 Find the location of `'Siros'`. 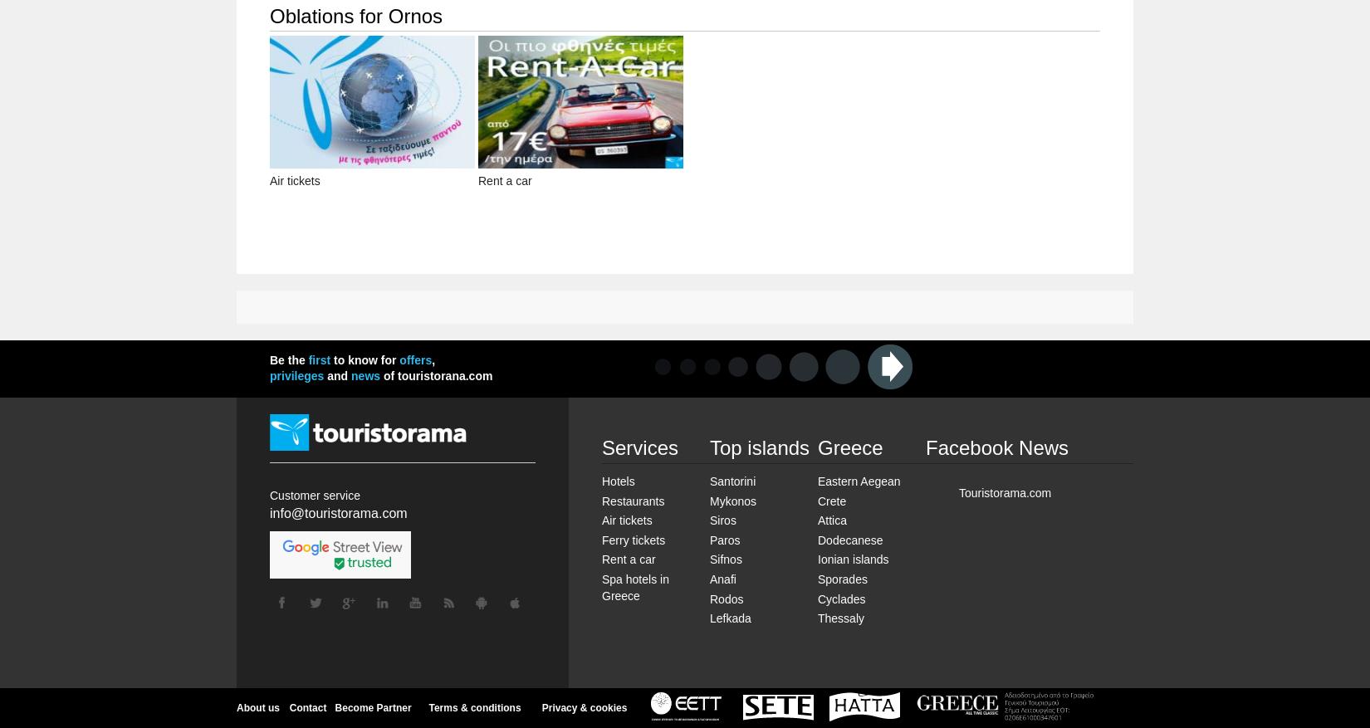

'Siros' is located at coordinates (722, 519).